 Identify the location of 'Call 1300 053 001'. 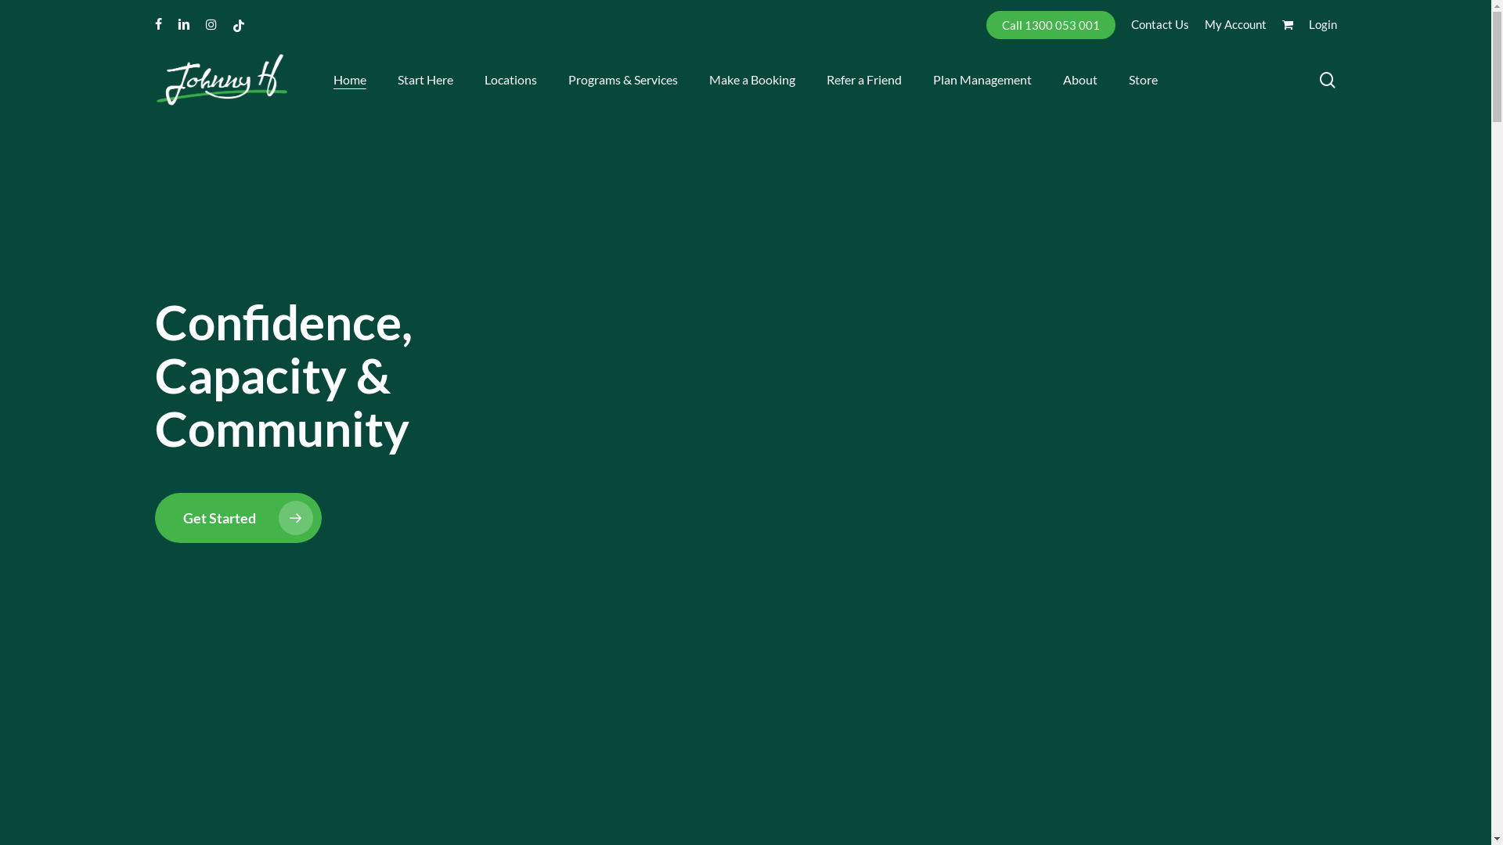
(985, 24).